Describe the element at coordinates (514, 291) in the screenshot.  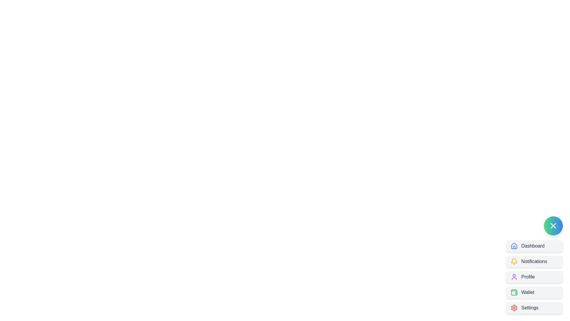
I see `the wallet icon located in the sidebar menu` at that location.